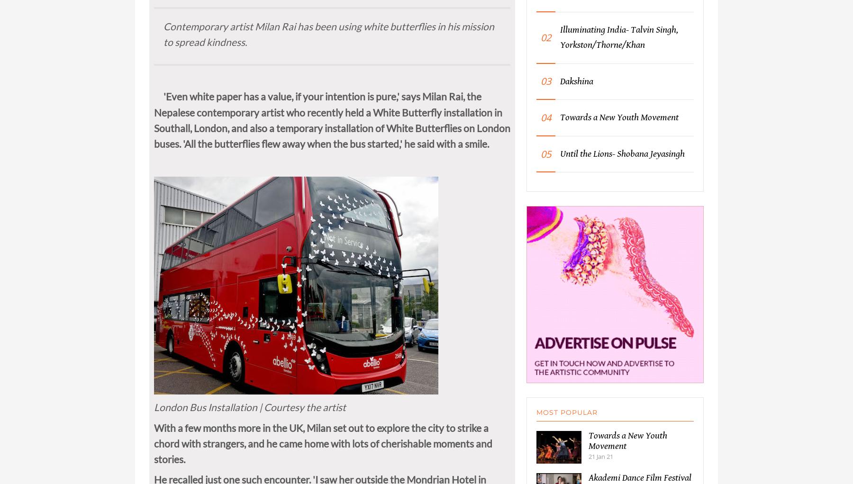 This screenshot has height=484, width=853. What do you see at coordinates (545, 46) in the screenshot?
I see `'02'` at bounding box center [545, 46].